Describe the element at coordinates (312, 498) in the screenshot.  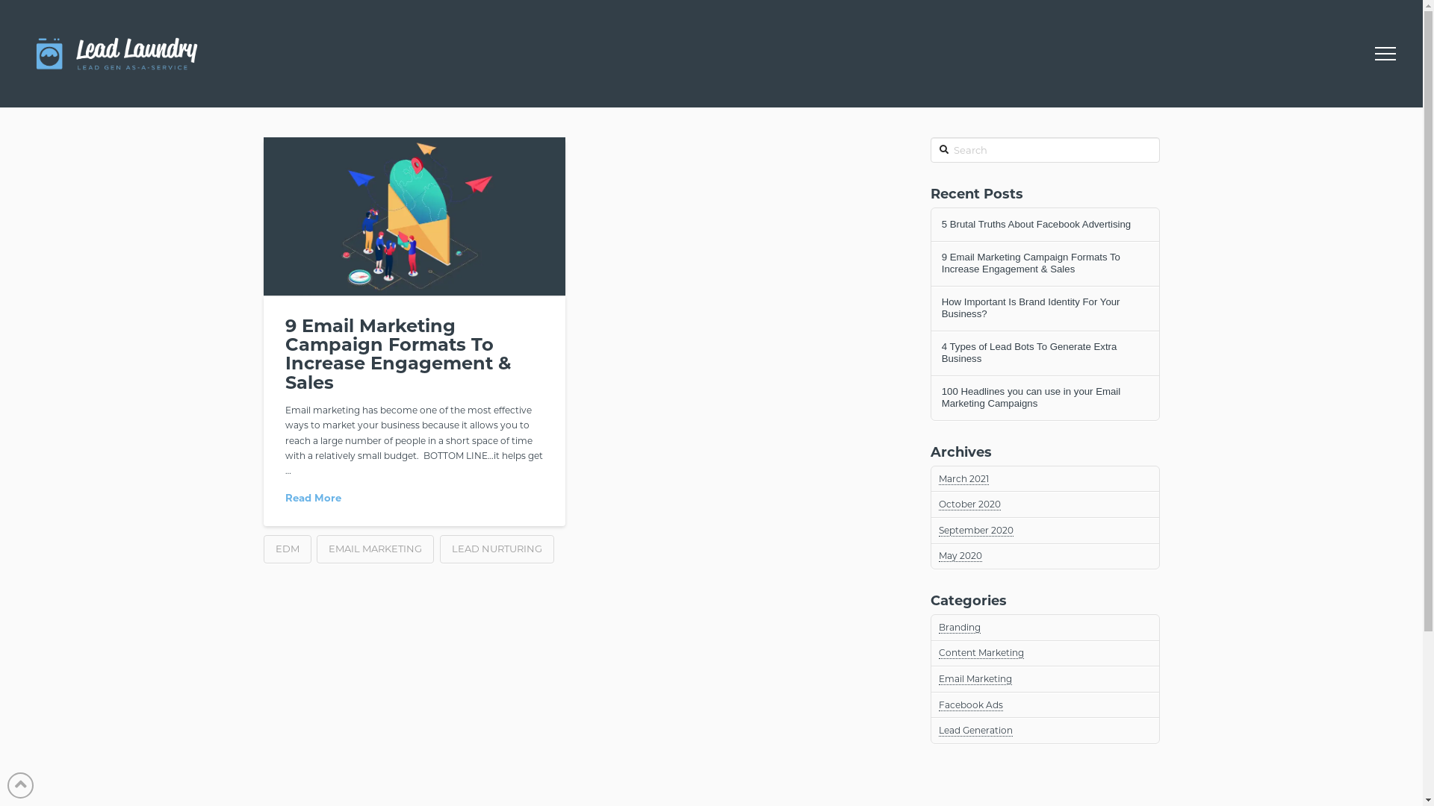
I see `'Read More'` at that location.